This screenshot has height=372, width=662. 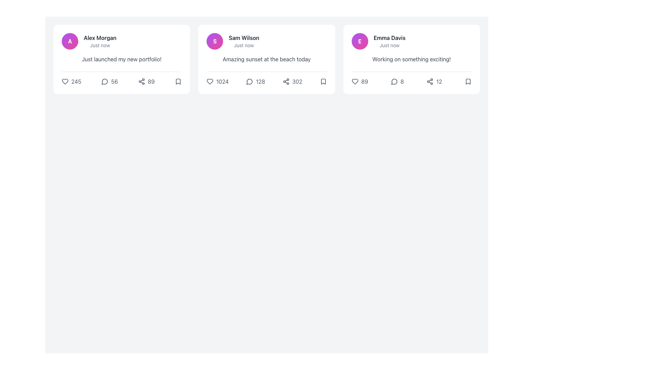 I want to click on the interactive speech bubble icon-text pair with the number '56' located in the bottom section of the first content card from the left, which changes the icon's color to blue, so click(x=109, y=81).